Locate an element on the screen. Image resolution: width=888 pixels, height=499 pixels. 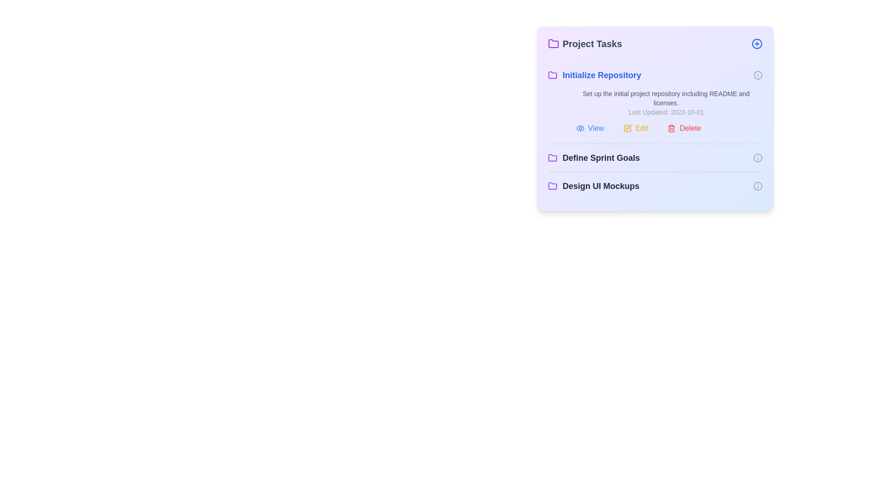
the label or link that represents defining sprint goals is located at coordinates (594, 158).